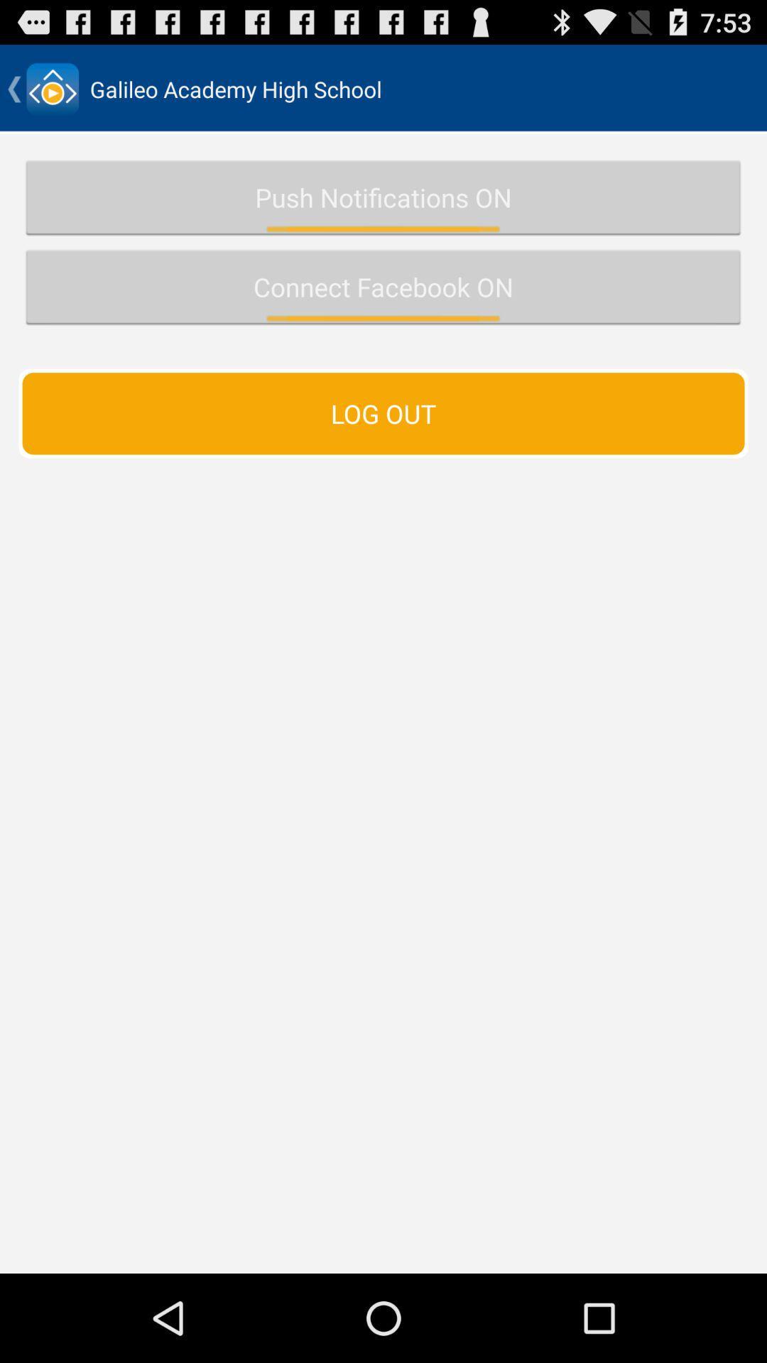 The height and width of the screenshot is (1363, 767). I want to click on log out button, so click(383, 412).